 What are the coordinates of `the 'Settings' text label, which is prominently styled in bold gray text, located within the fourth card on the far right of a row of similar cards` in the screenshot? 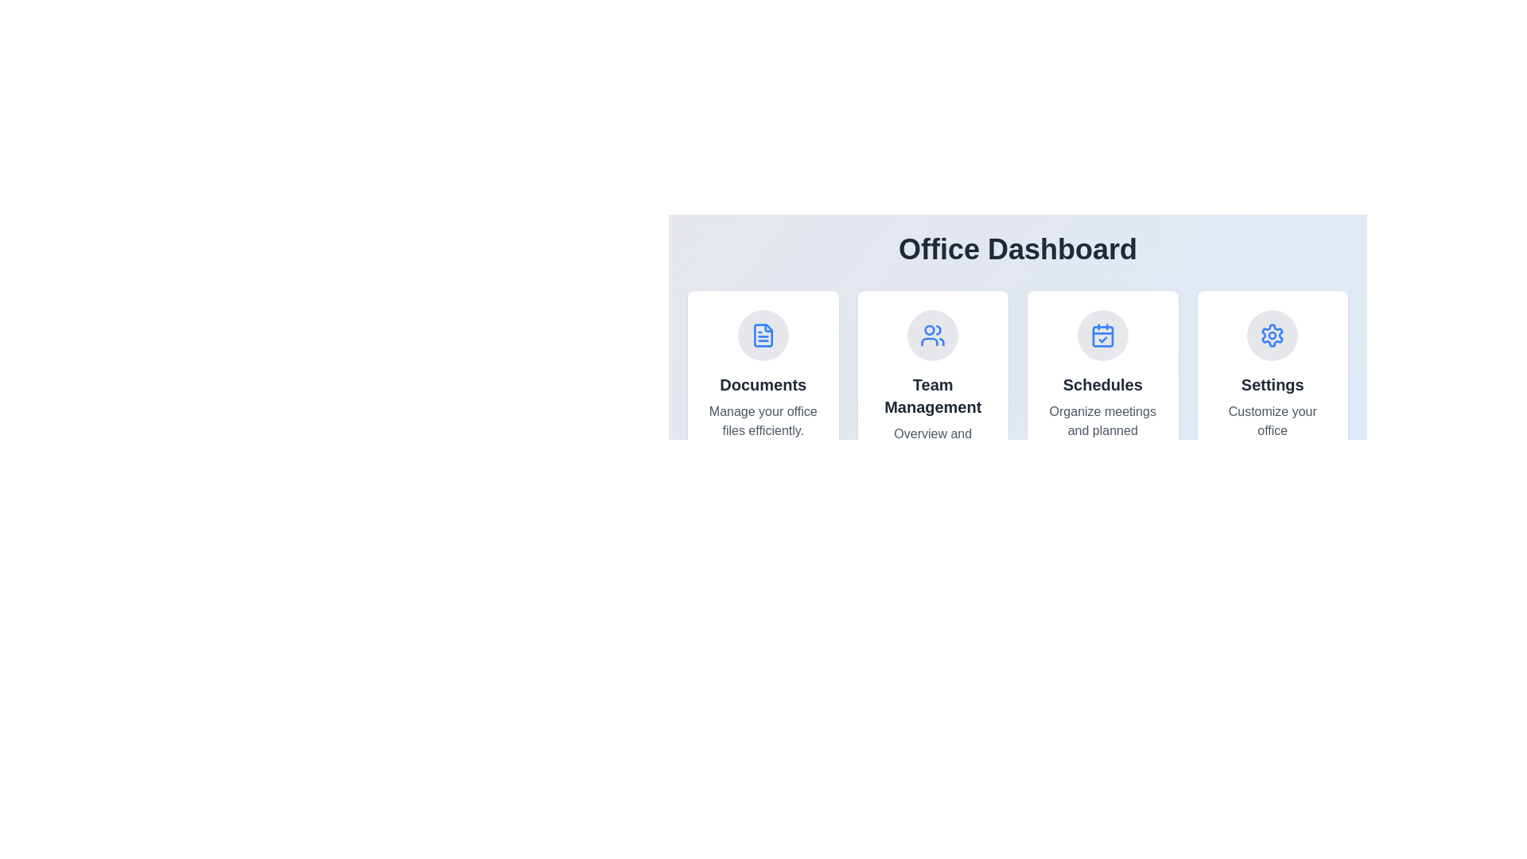 It's located at (1272, 384).